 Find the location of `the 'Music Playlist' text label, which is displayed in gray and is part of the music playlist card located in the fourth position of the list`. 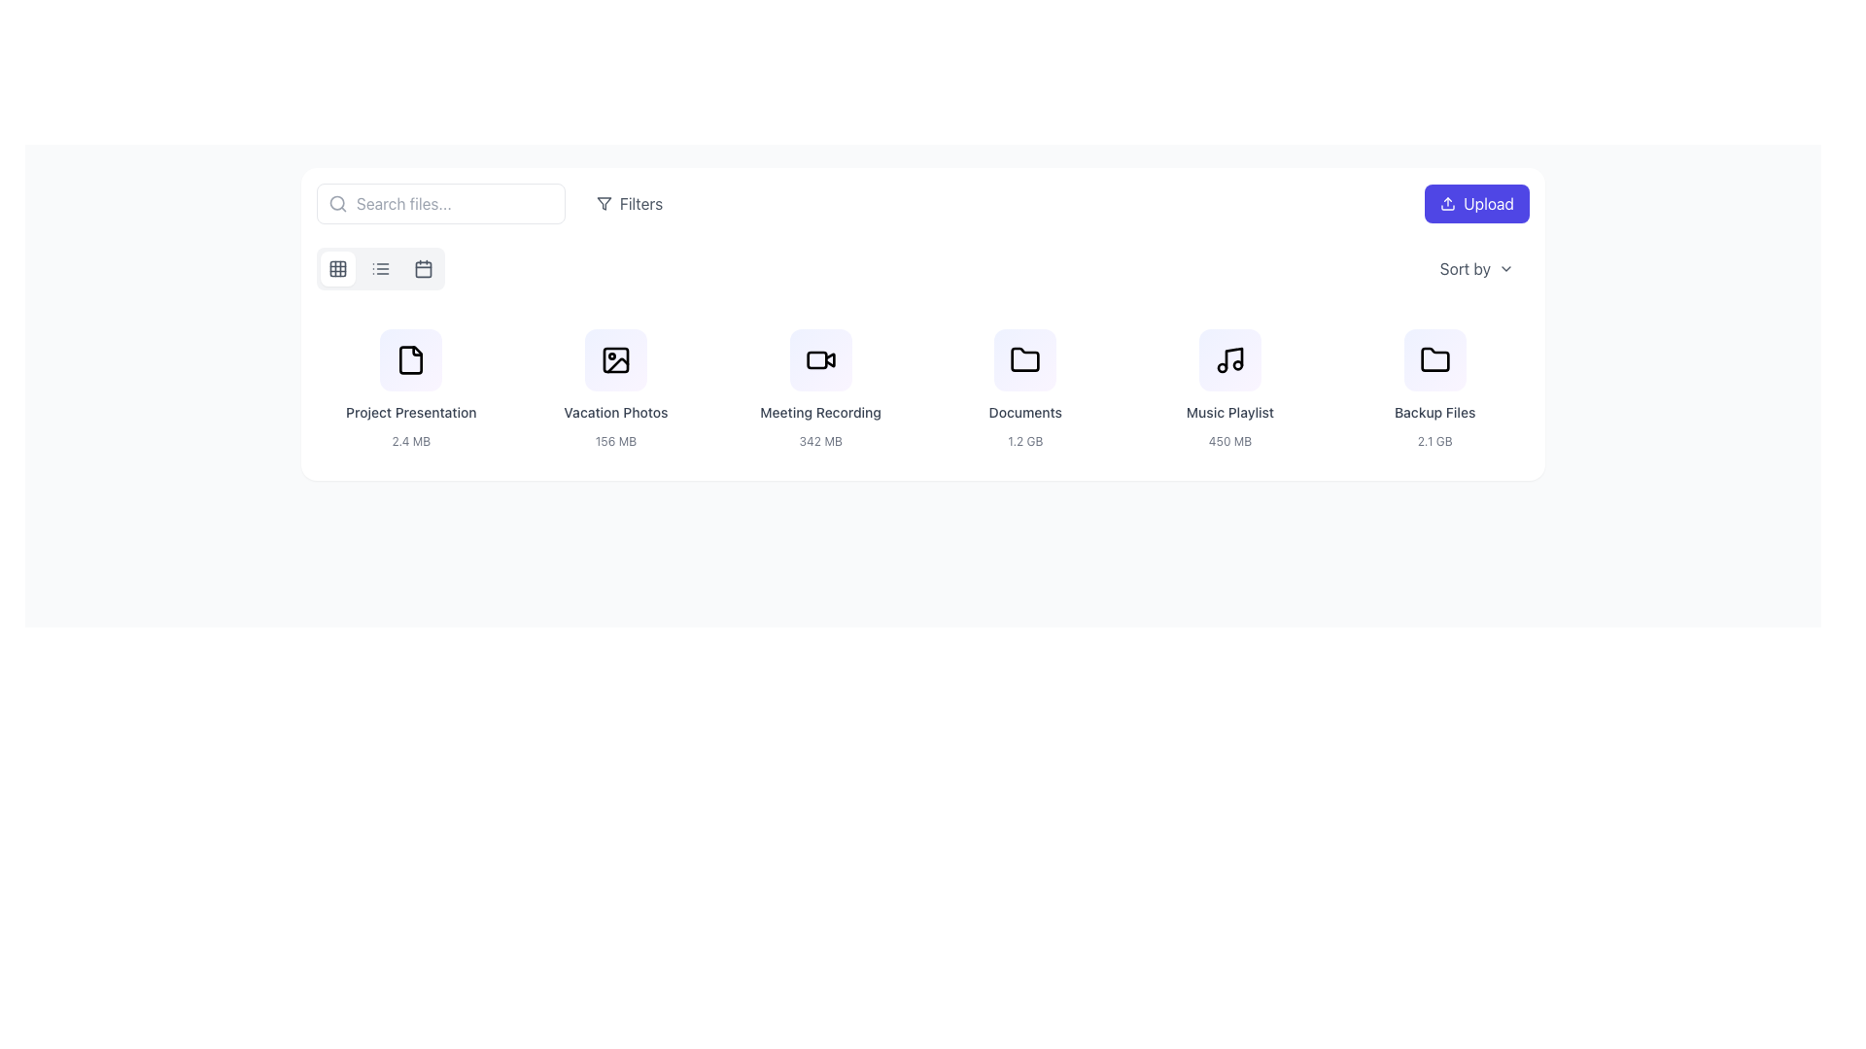

the 'Music Playlist' text label, which is displayed in gray and is part of the music playlist card located in the fourth position of the list is located at coordinates (1229, 411).